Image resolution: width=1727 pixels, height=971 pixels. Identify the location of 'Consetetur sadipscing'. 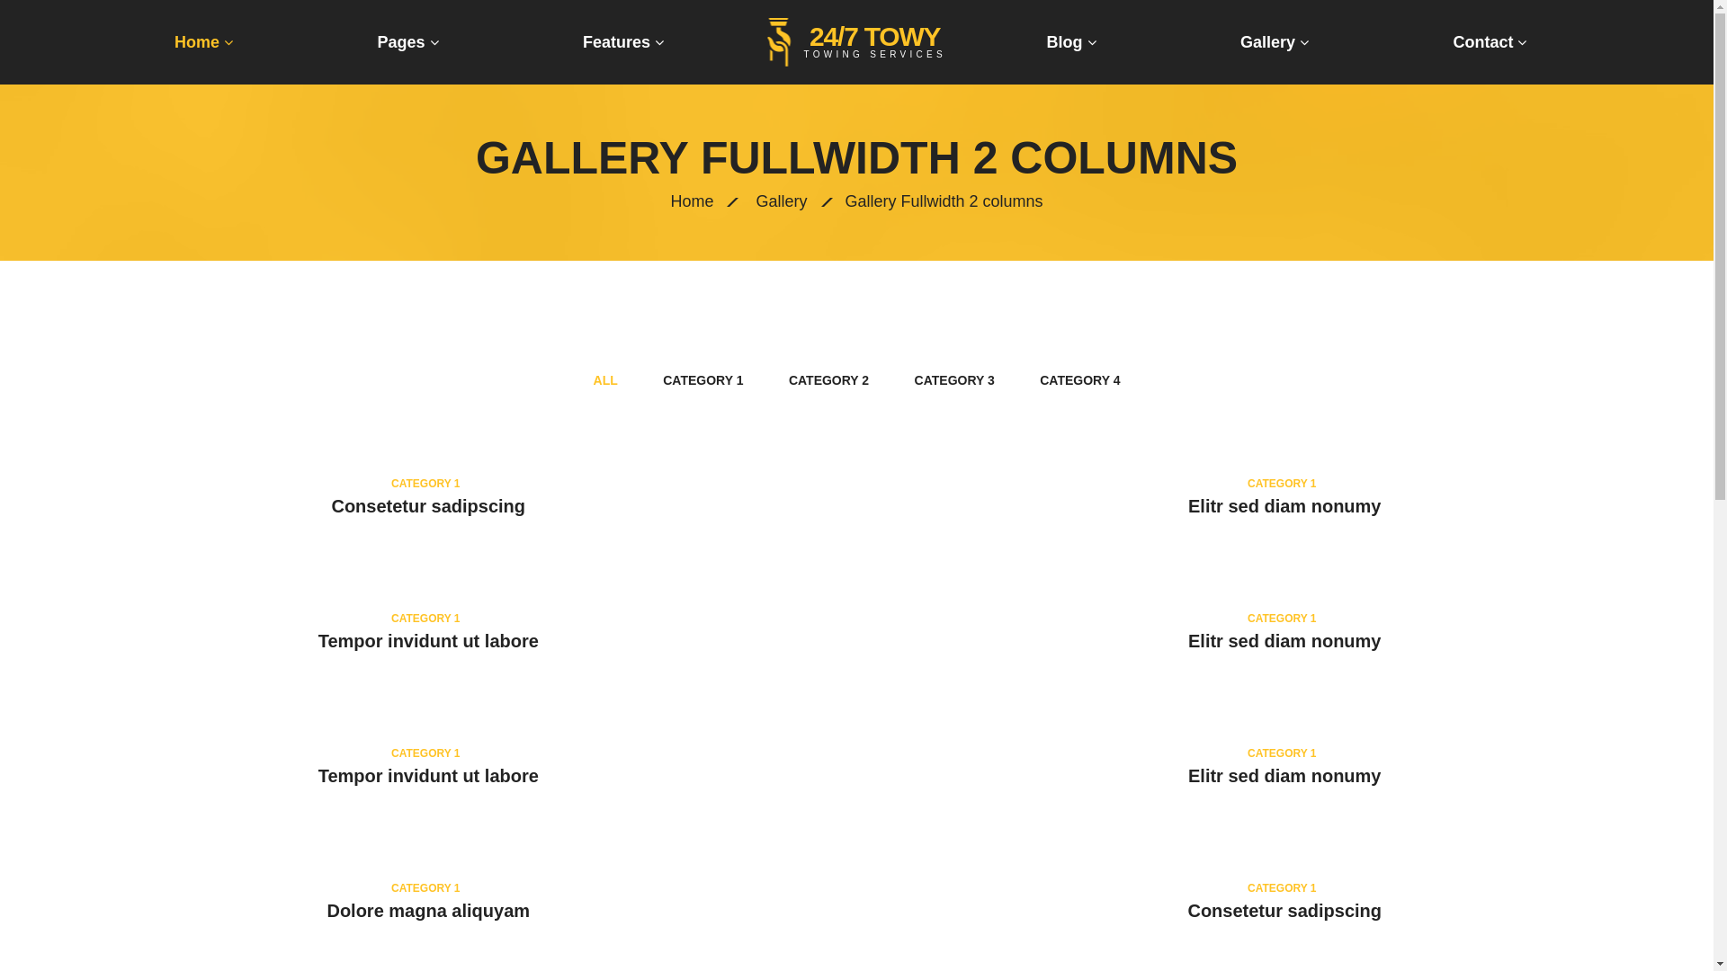
(426, 506).